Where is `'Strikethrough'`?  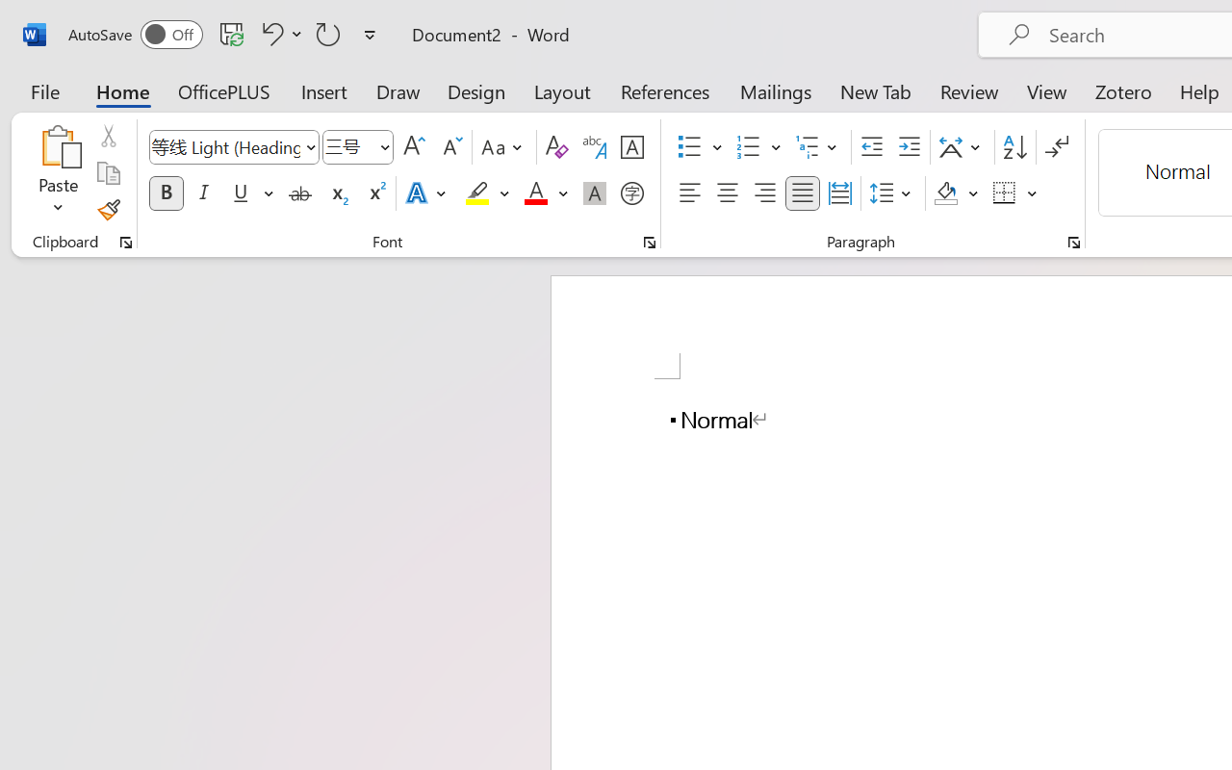
'Strikethrough' is located at coordinates (299, 193).